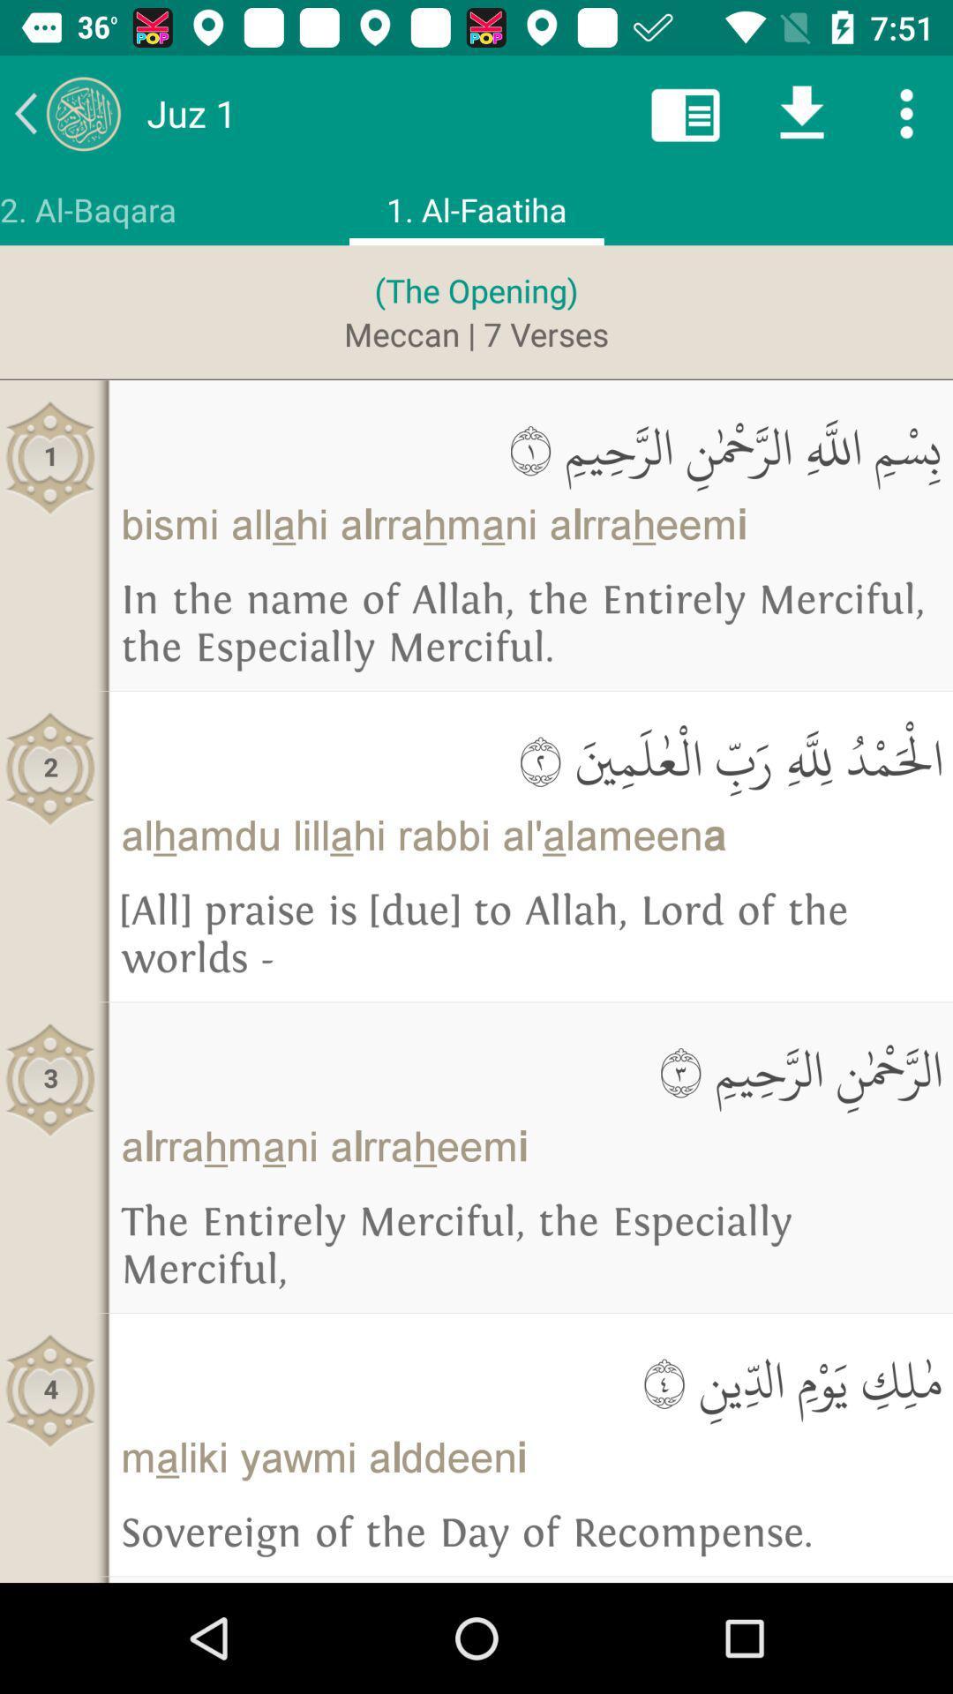 The height and width of the screenshot is (1694, 953). What do you see at coordinates (529, 524) in the screenshot?
I see `bismi allahi alrrahmani icon` at bounding box center [529, 524].